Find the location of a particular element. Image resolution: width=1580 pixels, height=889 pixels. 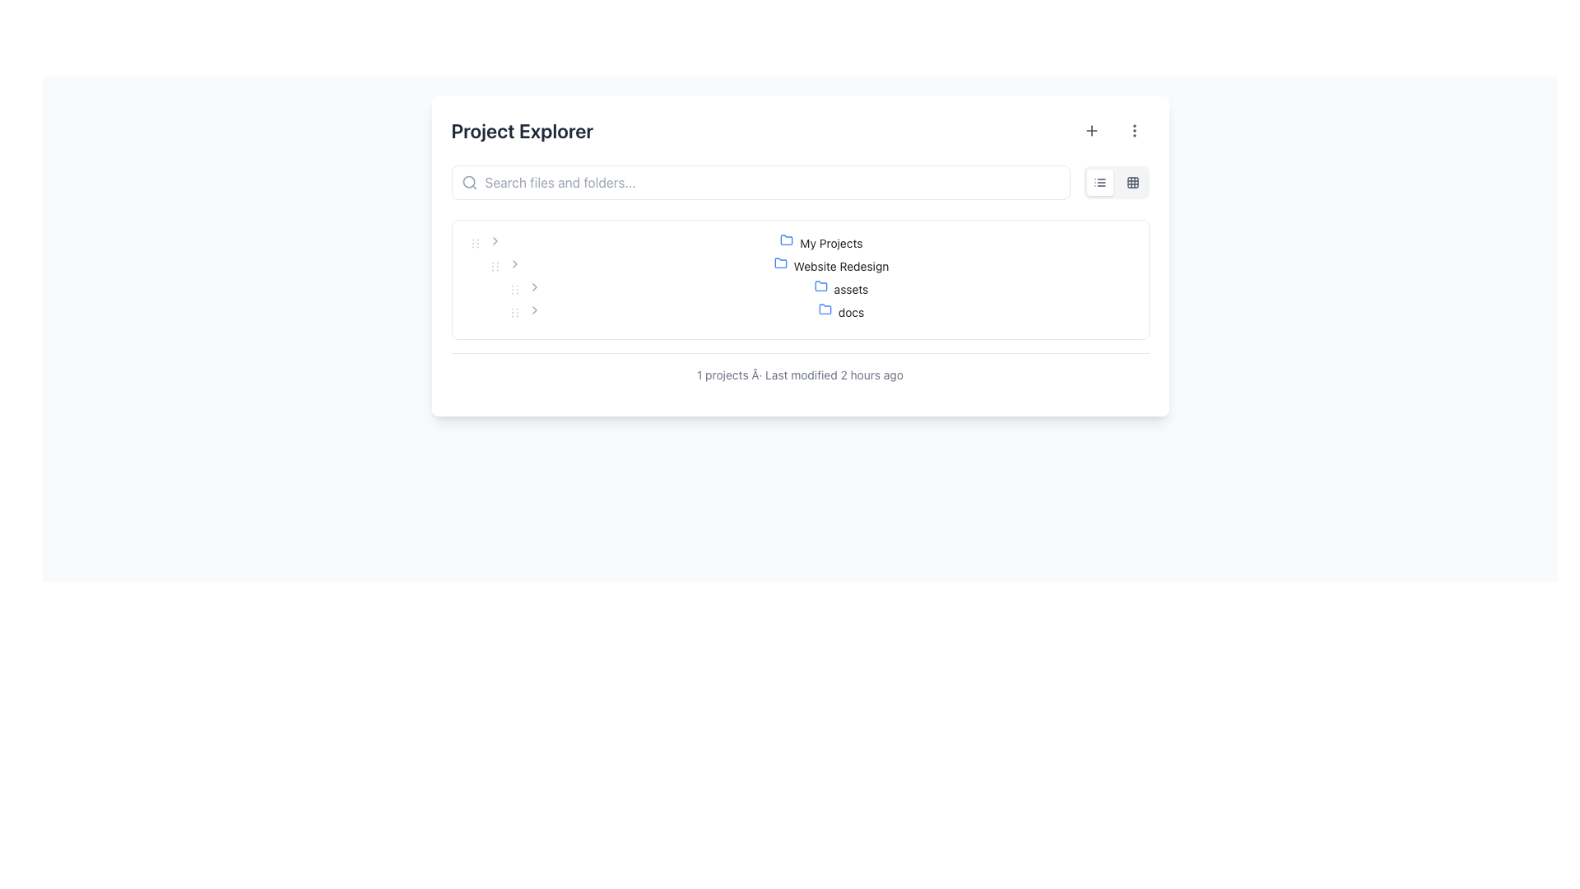

the leftmost button in the top-right corner of the 'Project Explorer' interface is located at coordinates (1091, 129).